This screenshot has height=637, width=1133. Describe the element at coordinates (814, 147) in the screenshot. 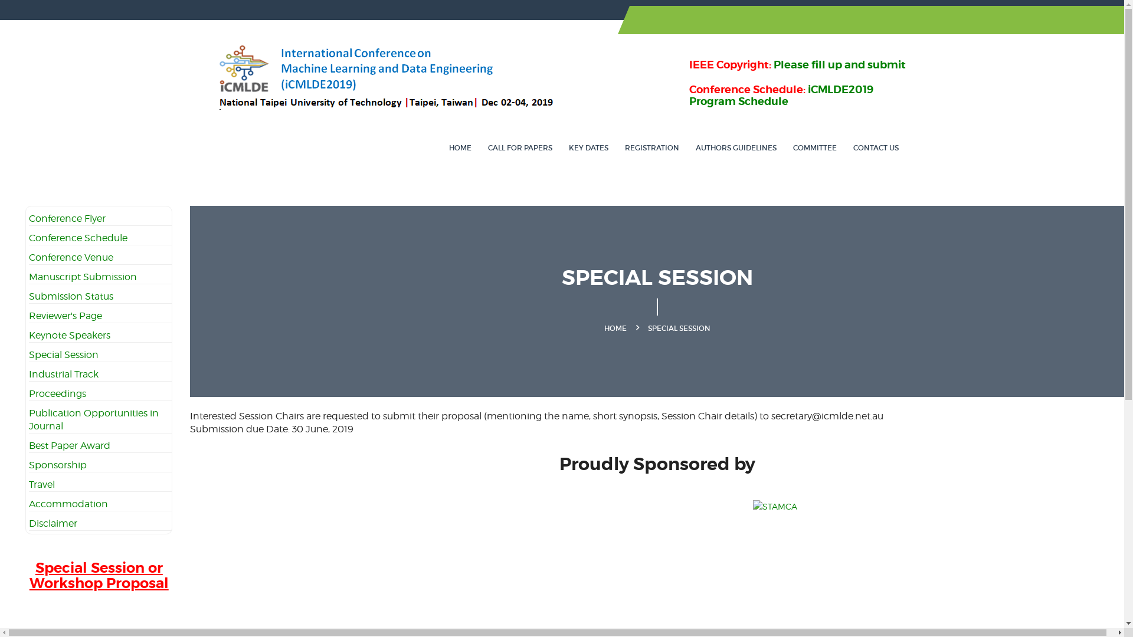

I see `'COMMITTEE'` at that location.